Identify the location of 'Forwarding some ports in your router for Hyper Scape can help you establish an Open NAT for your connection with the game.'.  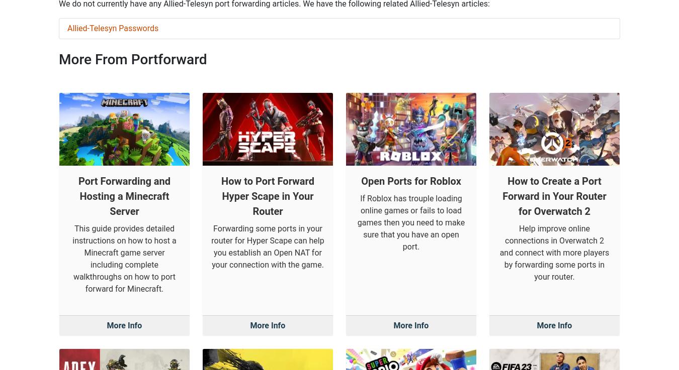
(267, 149).